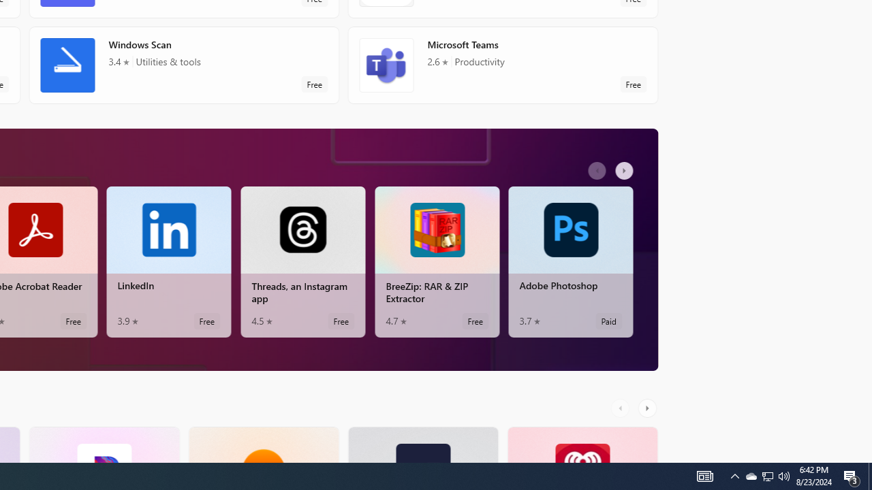 The height and width of the screenshot is (490, 872). Describe the element at coordinates (168, 261) in the screenshot. I see `'LinkedIn. Average rating of 3.9 out of five stars. Free  '` at that location.